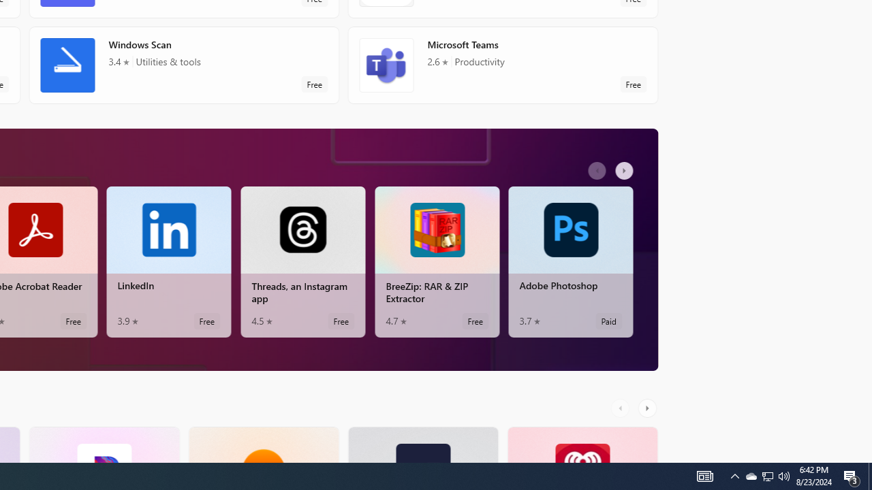 The height and width of the screenshot is (490, 872). Describe the element at coordinates (168, 261) in the screenshot. I see `'LinkedIn. Average rating of 3.9 out of five stars. Free  '` at that location.